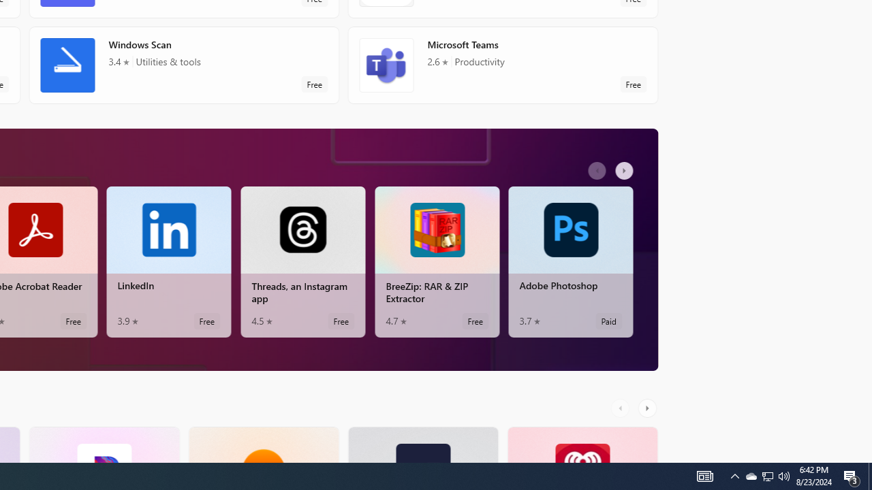 The height and width of the screenshot is (490, 872). Describe the element at coordinates (168, 261) in the screenshot. I see `'LinkedIn. Average rating of 3.9 out of five stars. Free  '` at that location.